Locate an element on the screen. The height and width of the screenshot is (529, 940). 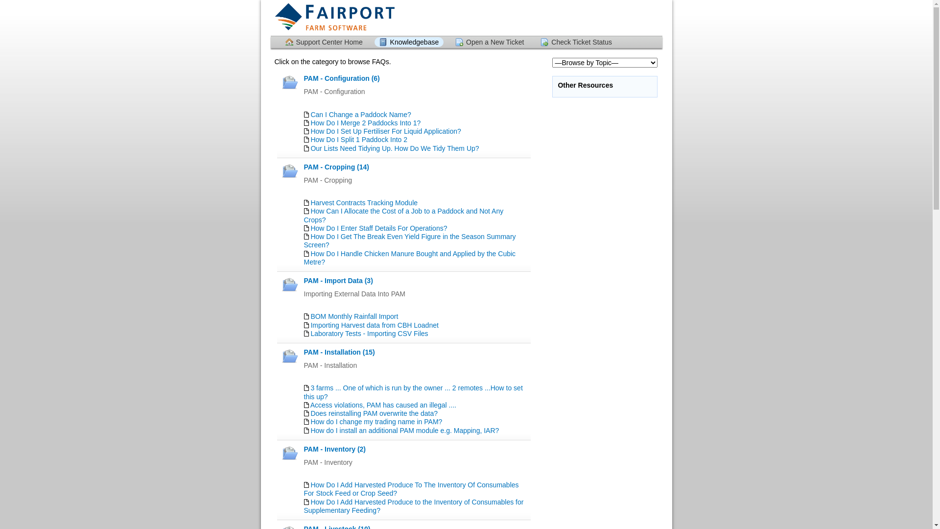
'PAM - Installation (15)' is located at coordinates (339, 351).